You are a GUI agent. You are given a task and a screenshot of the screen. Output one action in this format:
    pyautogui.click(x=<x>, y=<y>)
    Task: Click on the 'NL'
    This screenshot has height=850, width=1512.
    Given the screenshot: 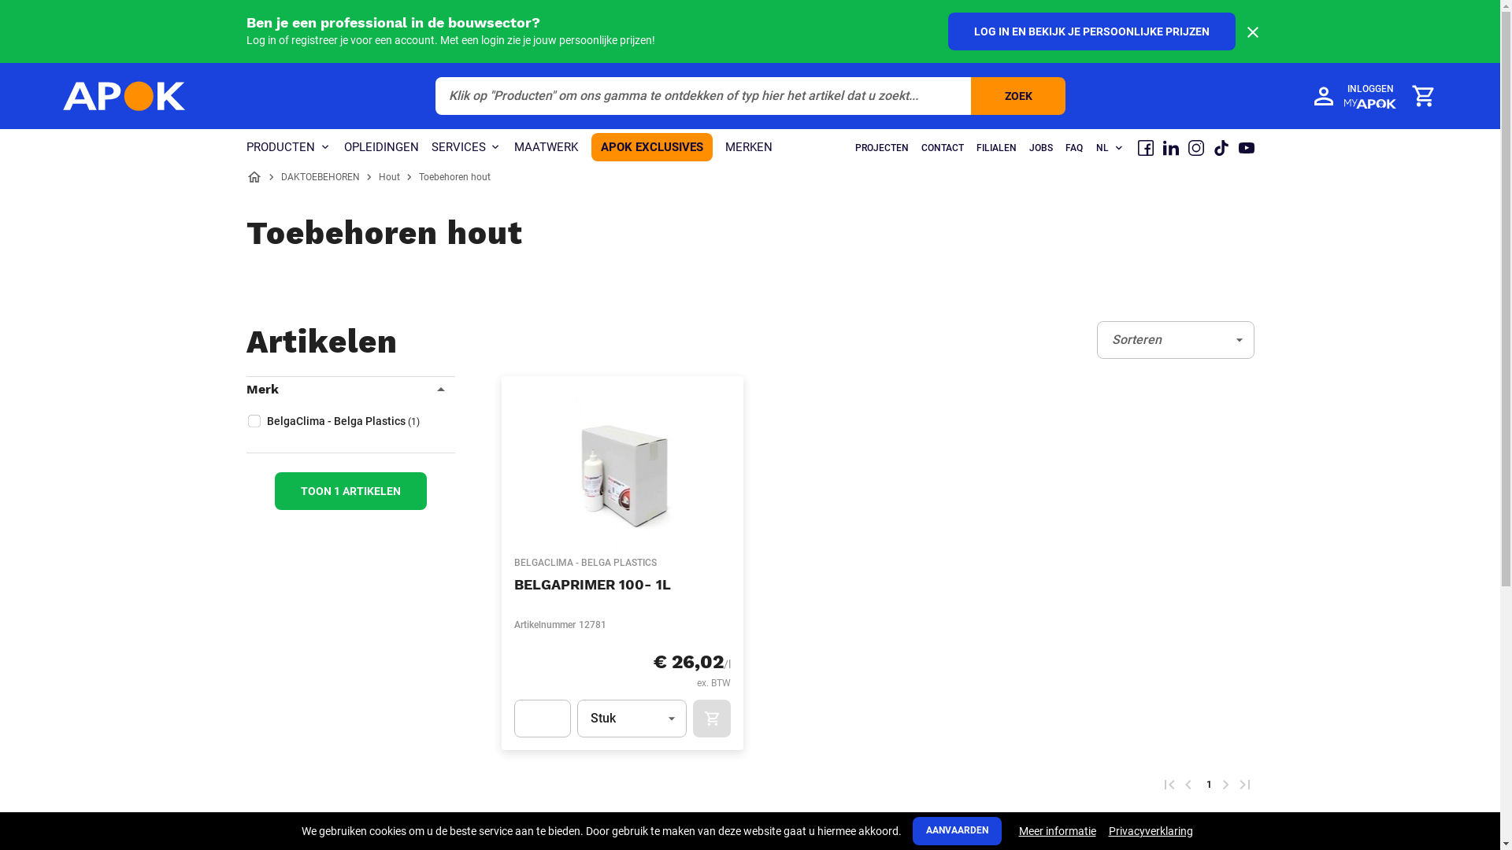 What is the action you would take?
    pyautogui.click(x=1109, y=148)
    